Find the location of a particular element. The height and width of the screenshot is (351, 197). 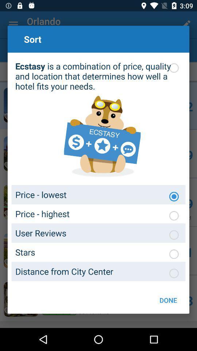

another assortment option is located at coordinates (173, 273).